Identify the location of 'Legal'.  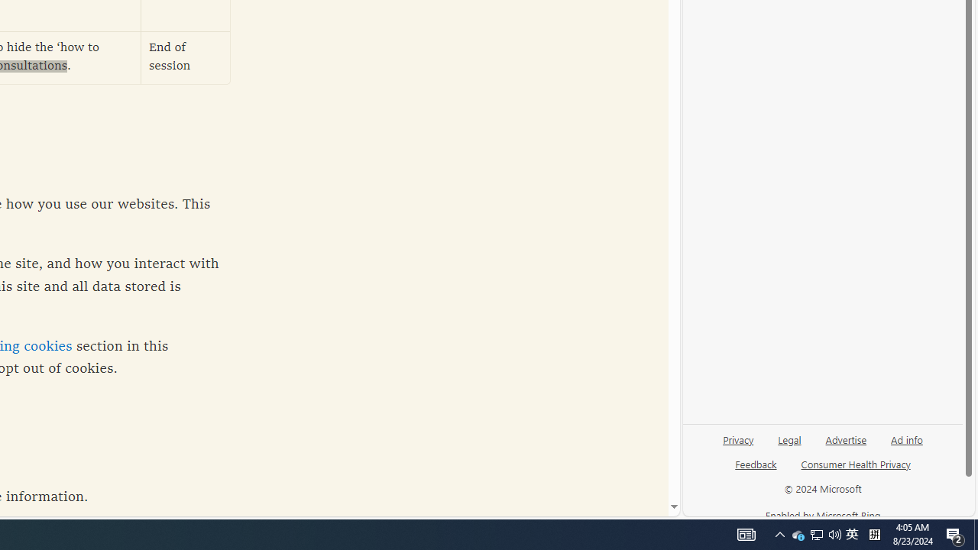
(789, 445).